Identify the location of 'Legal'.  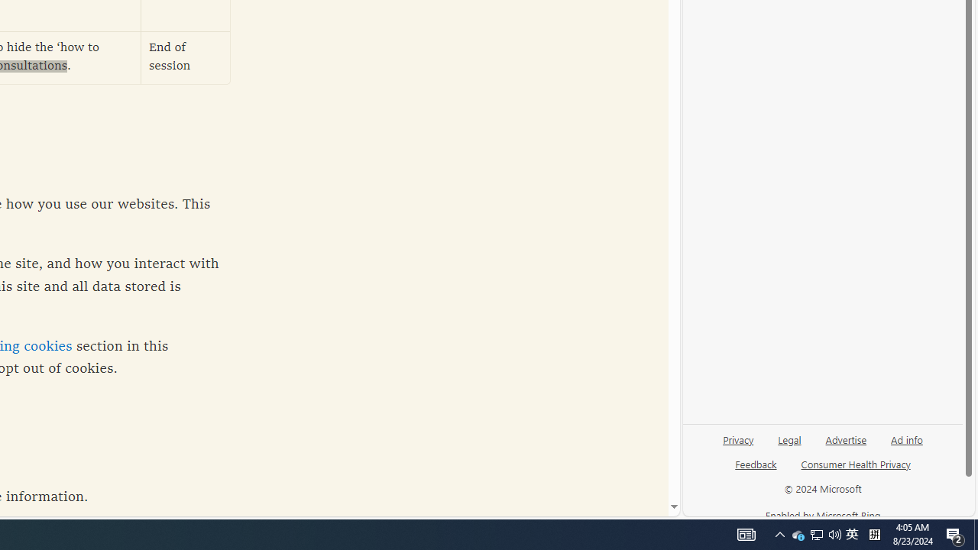
(789, 445).